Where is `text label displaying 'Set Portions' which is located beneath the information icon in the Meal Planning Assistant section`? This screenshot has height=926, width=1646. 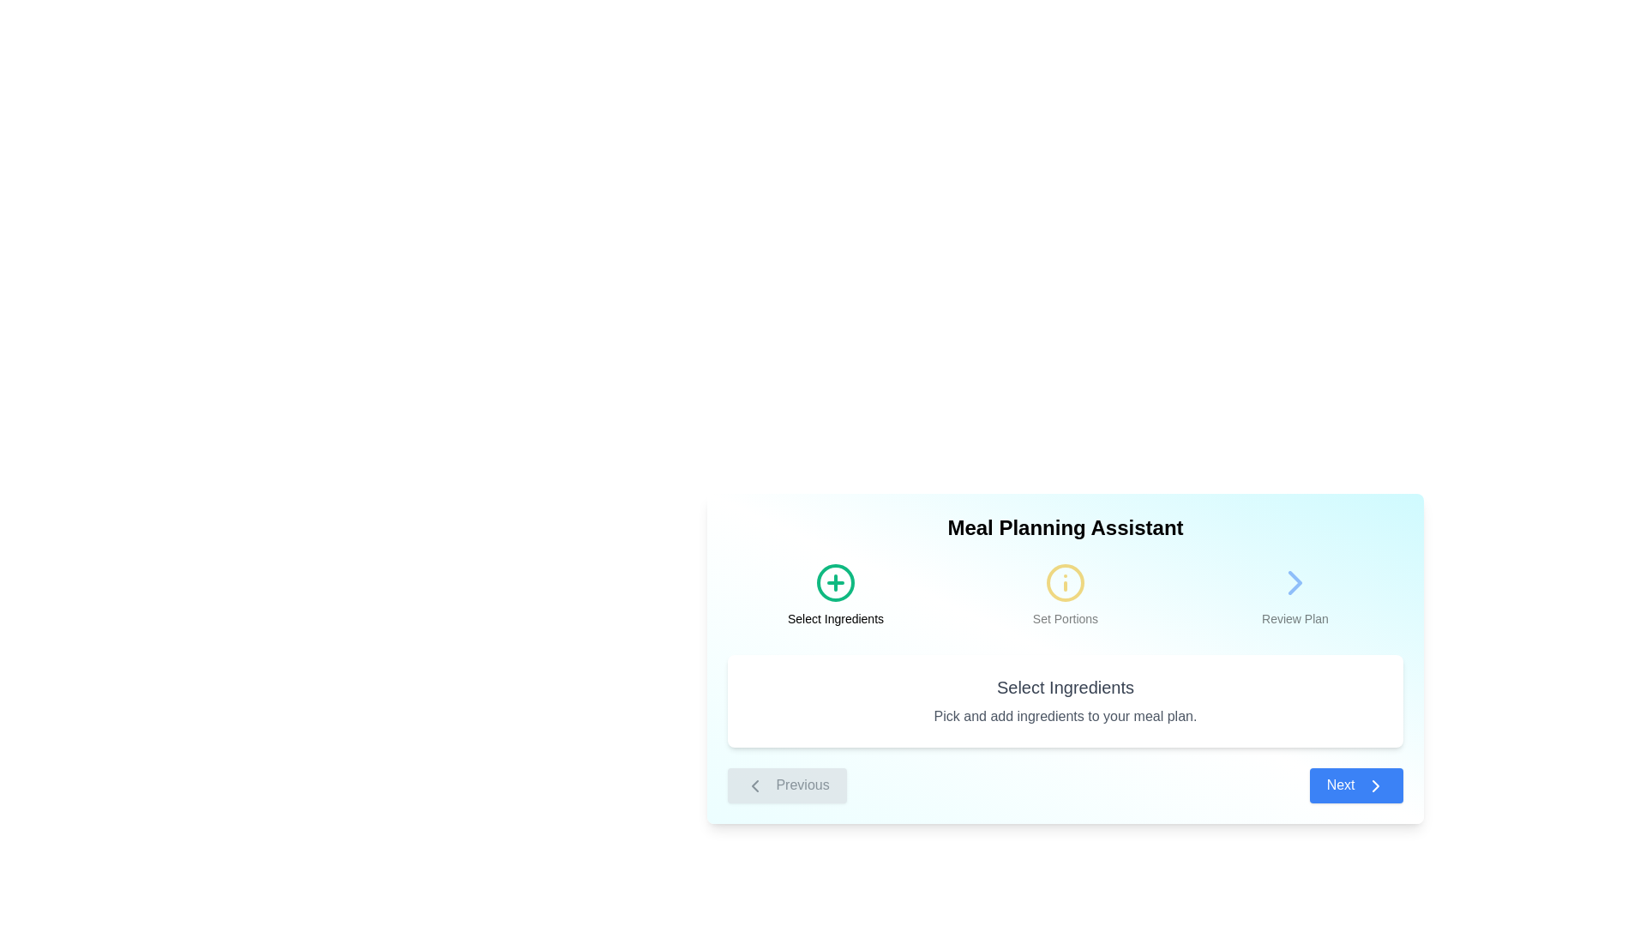
text label displaying 'Set Portions' which is located beneath the information icon in the Meal Planning Assistant section is located at coordinates (1065, 618).